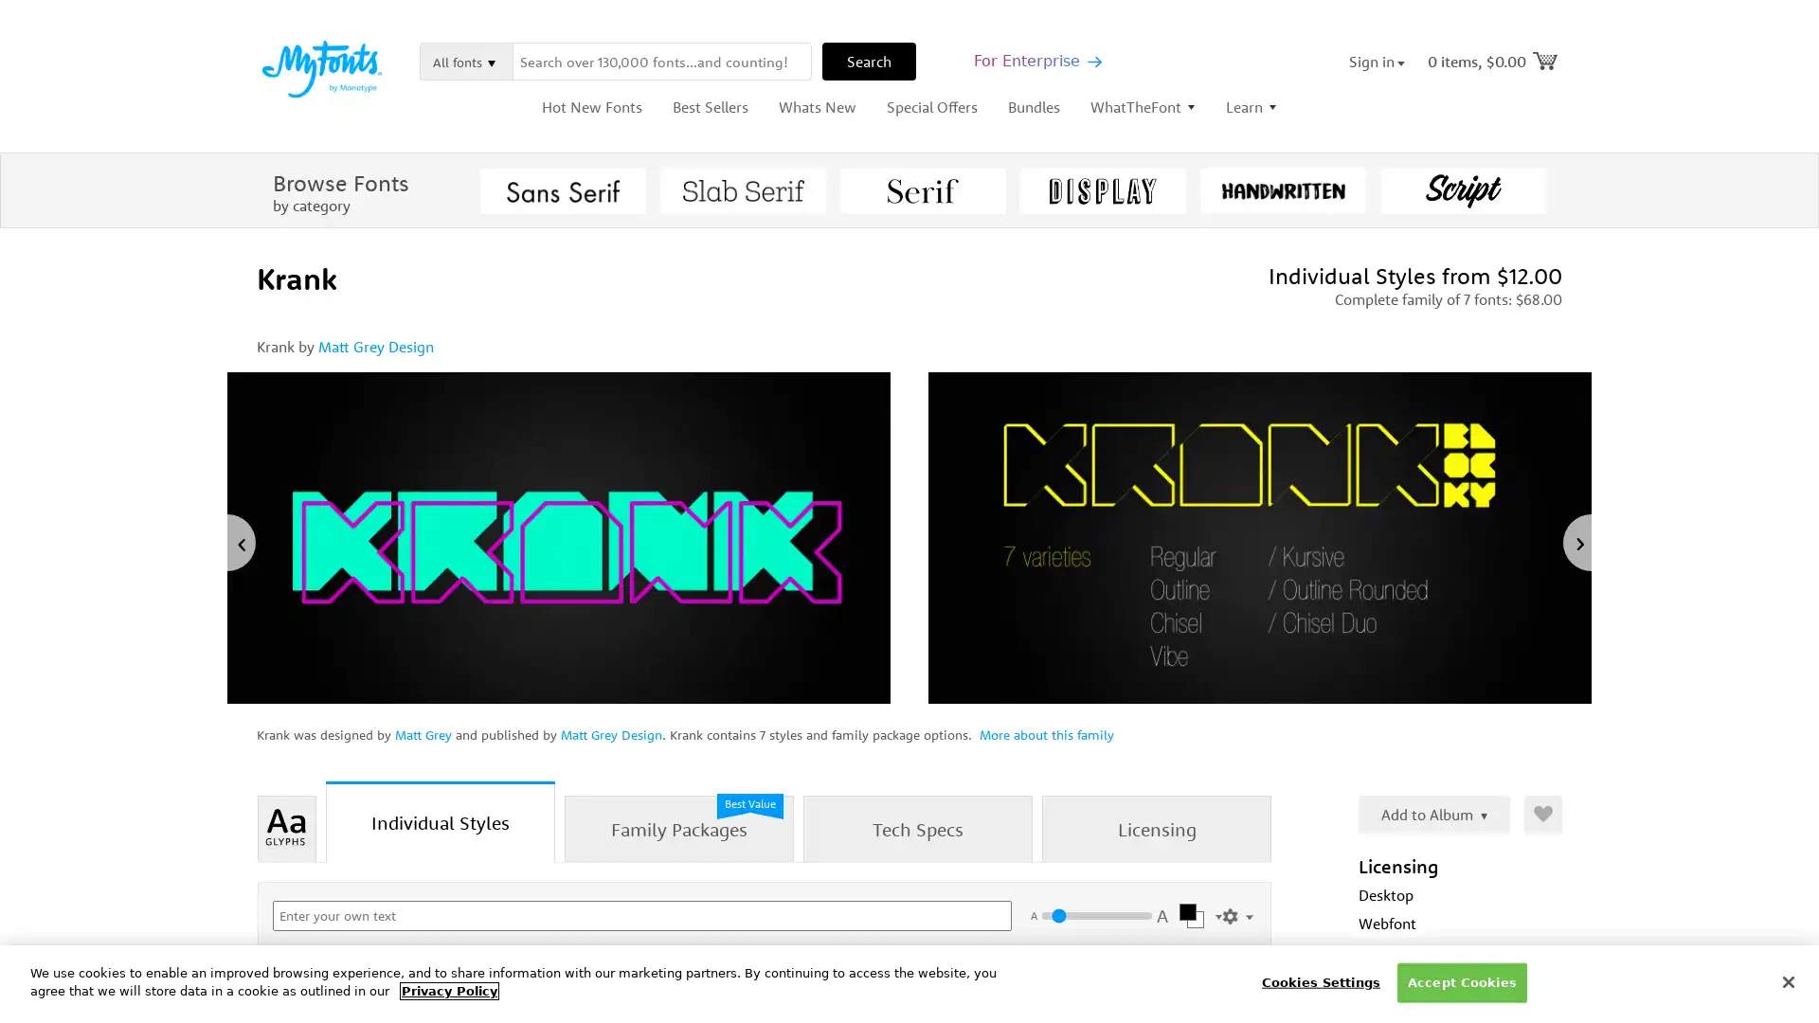 This screenshot has width=1819, height=1023. What do you see at coordinates (1196, 916) in the screenshot?
I see `Select Color` at bounding box center [1196, 916].